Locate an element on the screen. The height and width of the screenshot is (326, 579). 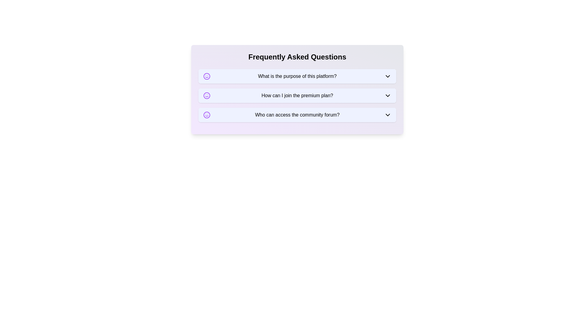
the circular SVG graphical element representing a smiley face, located to the left of the text 'How can I join the premium plan?' is located at coordinates (207, 95).